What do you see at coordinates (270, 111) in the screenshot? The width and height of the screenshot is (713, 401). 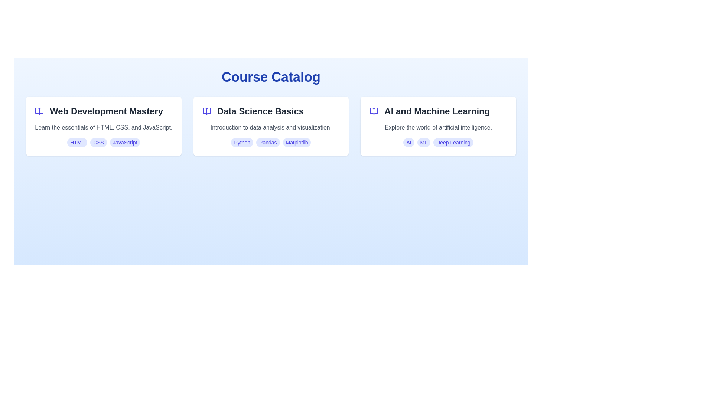 I see `title text 'Data Science Basics' located in the top section of the middle card in a three-card layout, next to an indigo open book icon` at bounding box center [270, 111].